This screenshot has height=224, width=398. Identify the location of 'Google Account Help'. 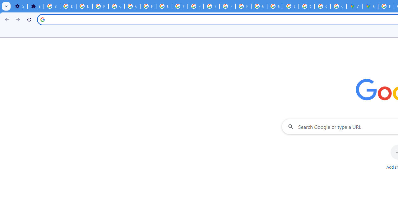
(132, 6).